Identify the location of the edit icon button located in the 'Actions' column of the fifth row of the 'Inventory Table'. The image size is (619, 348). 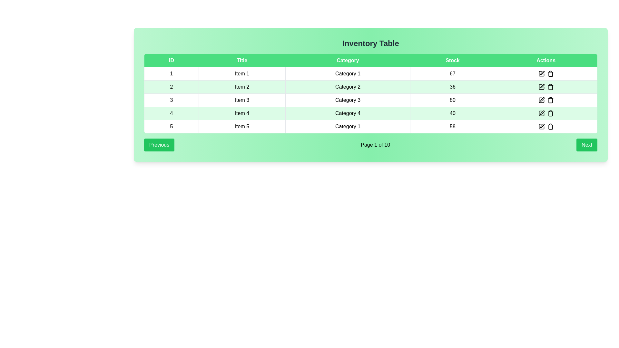
(542, 127).